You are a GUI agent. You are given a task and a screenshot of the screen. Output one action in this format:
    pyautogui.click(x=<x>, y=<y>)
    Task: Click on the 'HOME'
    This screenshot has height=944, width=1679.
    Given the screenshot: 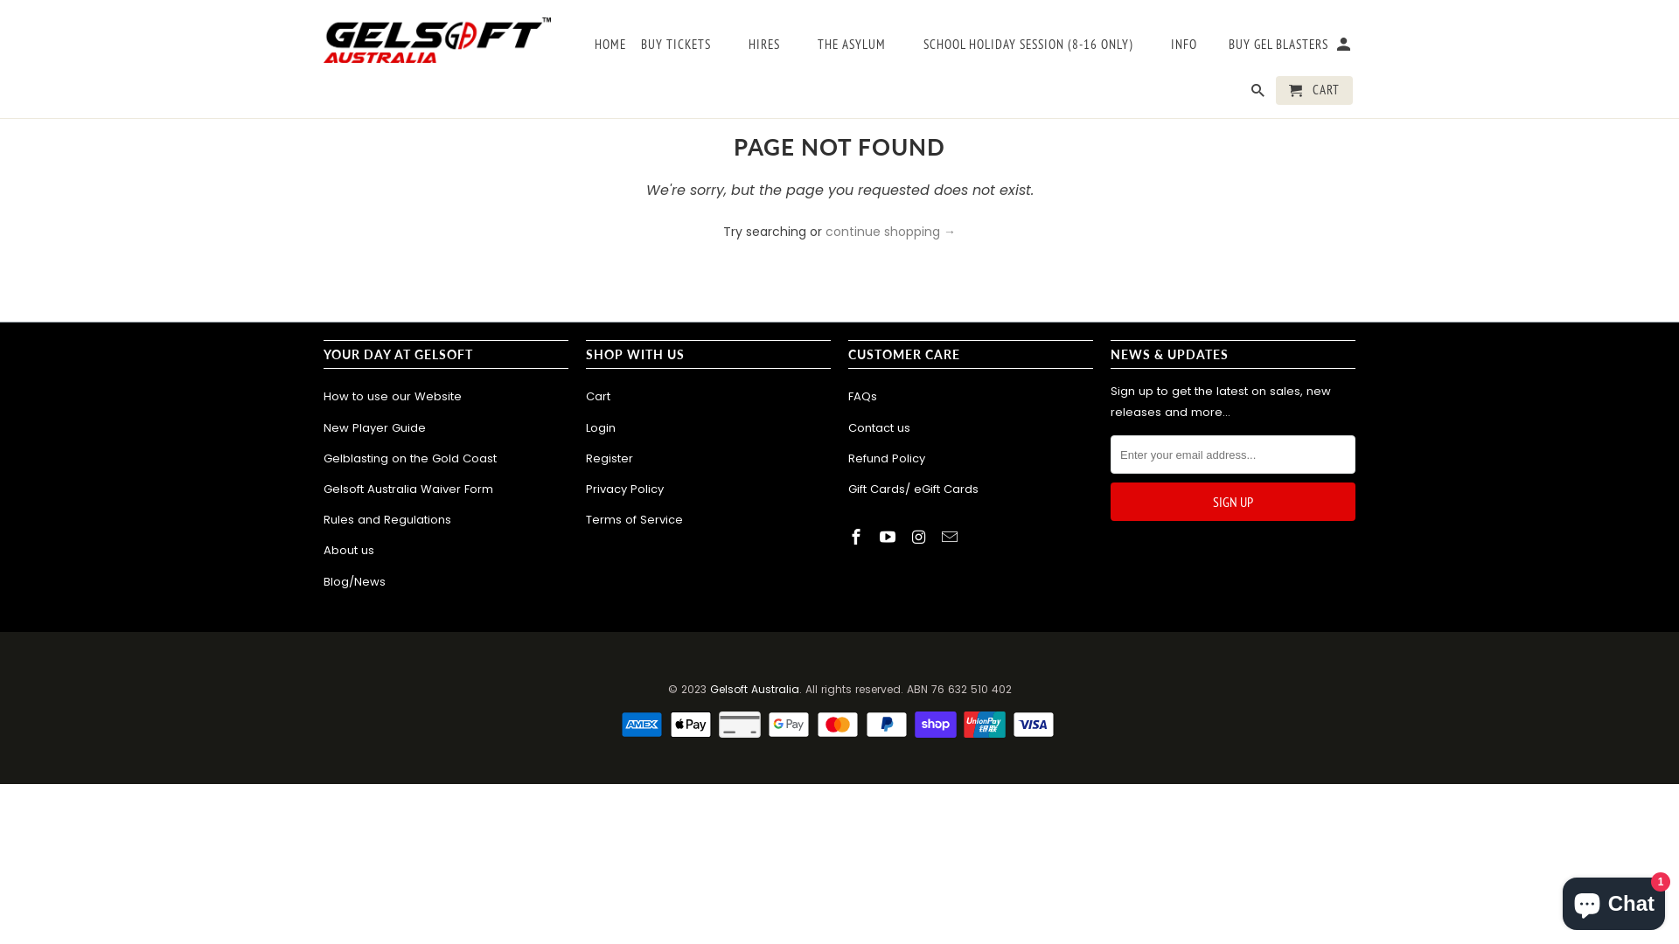 What is the action you would take?
    pyautogui.click(x=610, y=46)
    